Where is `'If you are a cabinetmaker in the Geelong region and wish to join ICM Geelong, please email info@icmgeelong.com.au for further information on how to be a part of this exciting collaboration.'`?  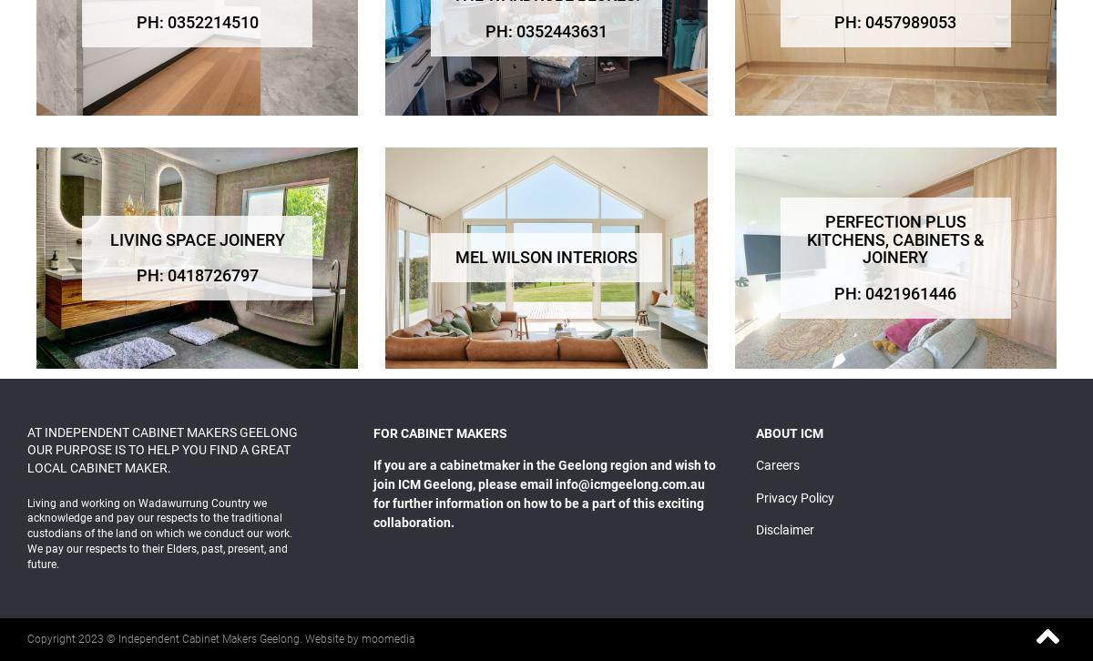 'If you are a cabinetmaker in the Geelong region and wish to join ICM Geelong, please email info@icmgeelong.com.au for further information on how to be a part of this exciting collaboration.' is located at coordinates (543, 493).